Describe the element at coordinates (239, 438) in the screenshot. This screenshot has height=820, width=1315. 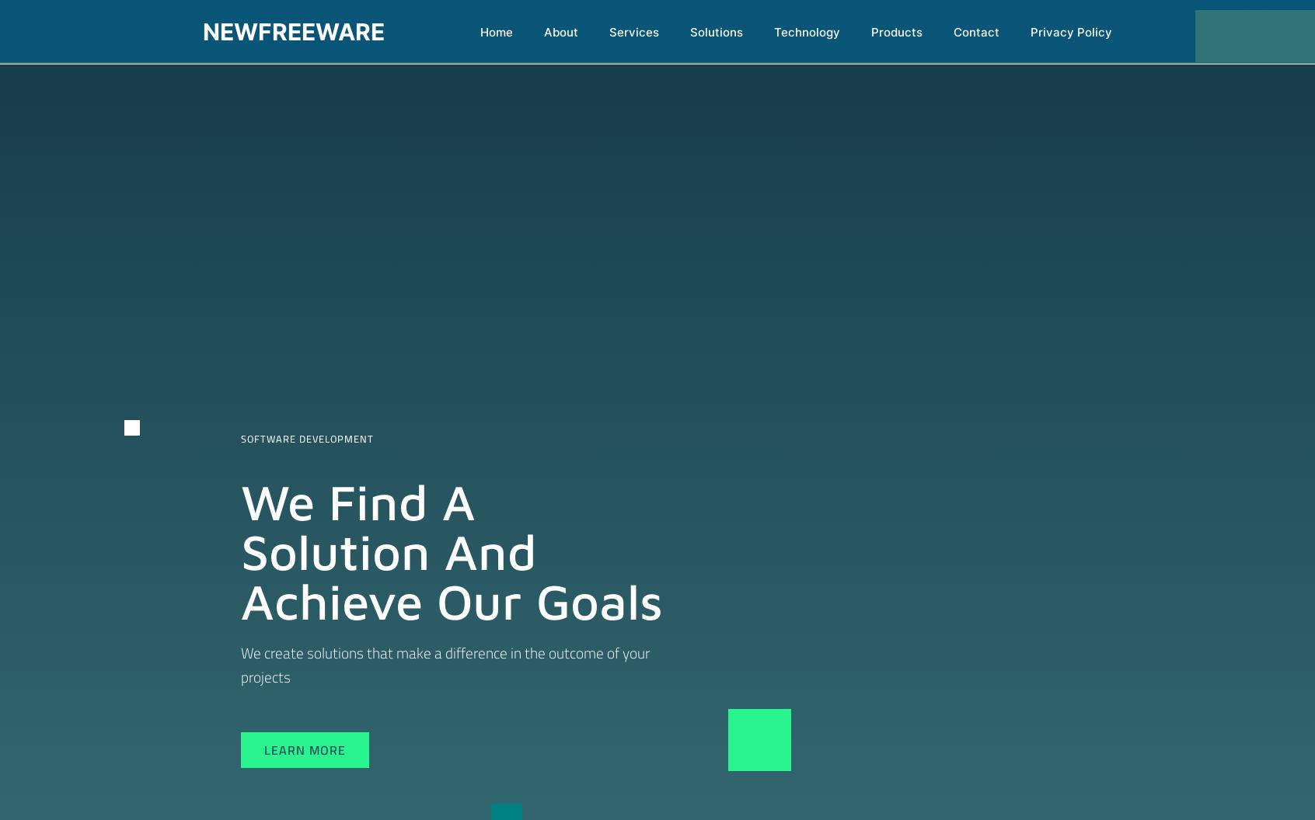
I see `'Software Development'` at that location.